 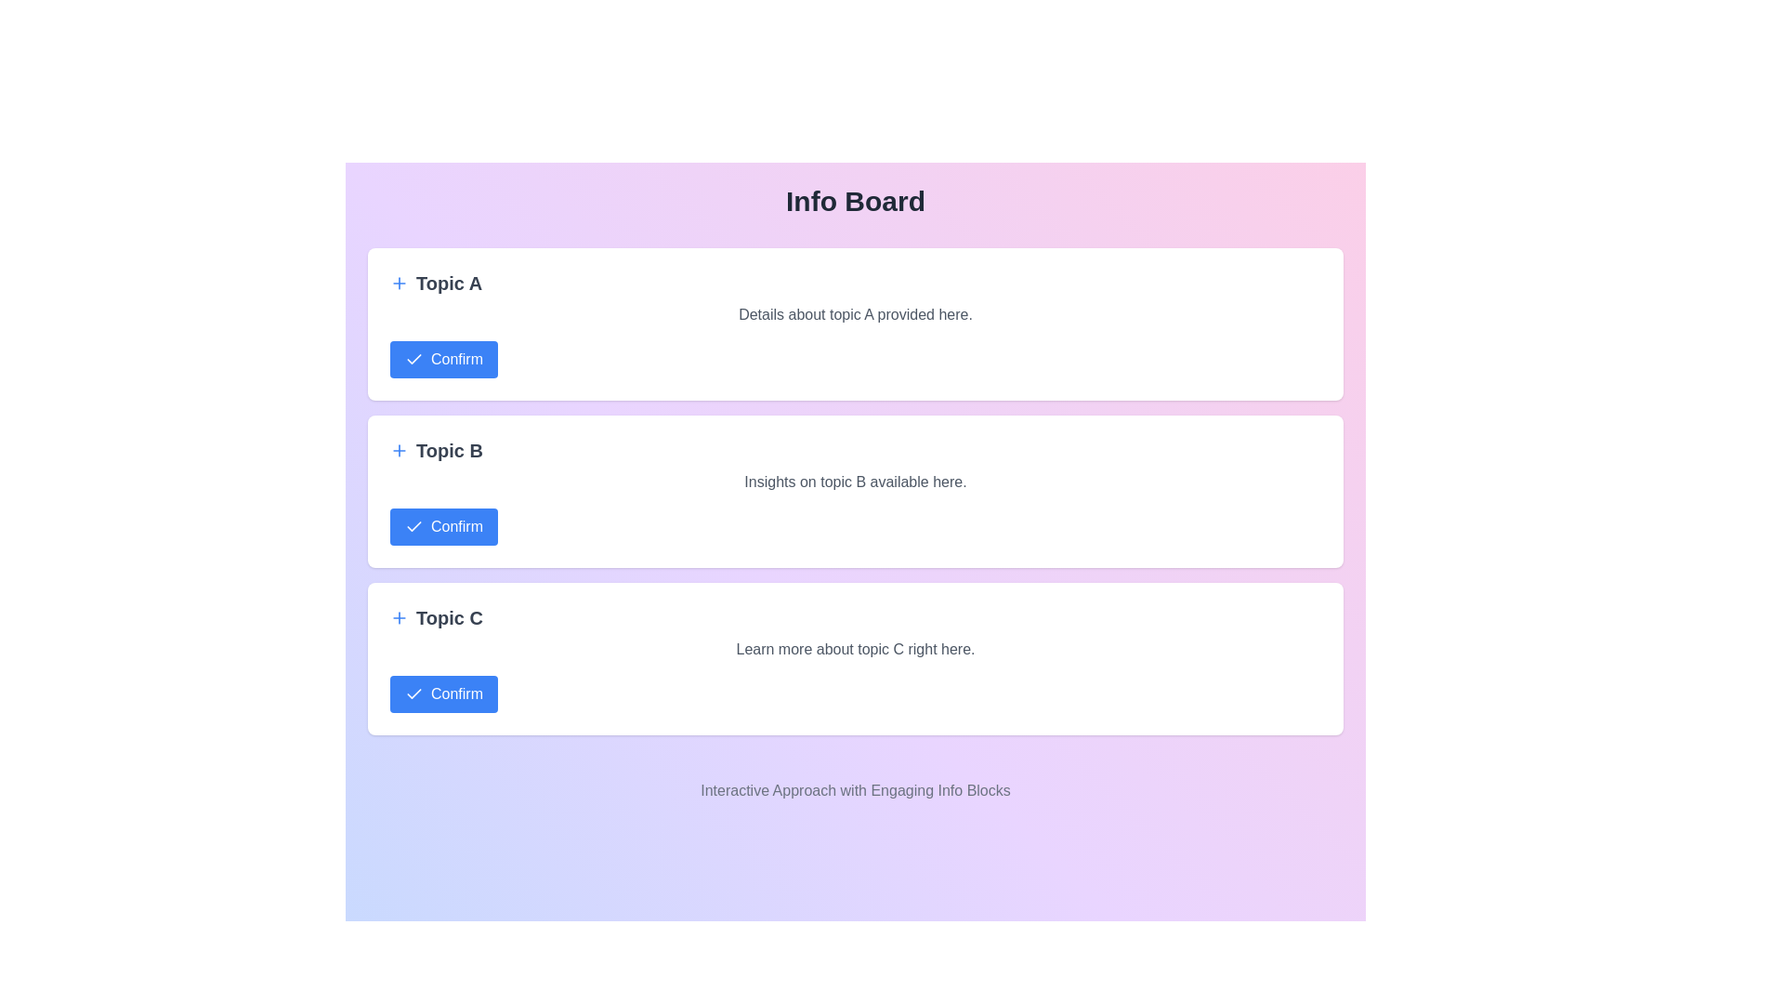 What do you see at coordinates (399, 617) in the screenshot?
I see `the blue plus sign icon located to the left of the text 'Topic C'` at bounding box center [399, 617].